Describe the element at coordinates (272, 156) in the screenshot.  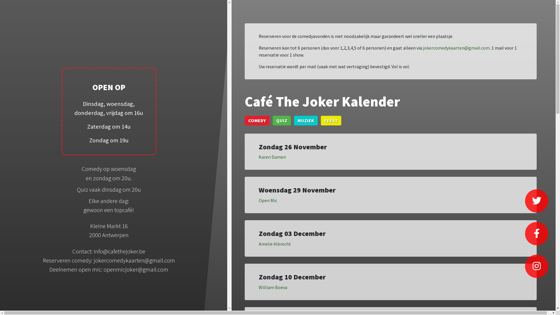
I see `'Karen Damen'` at that location.